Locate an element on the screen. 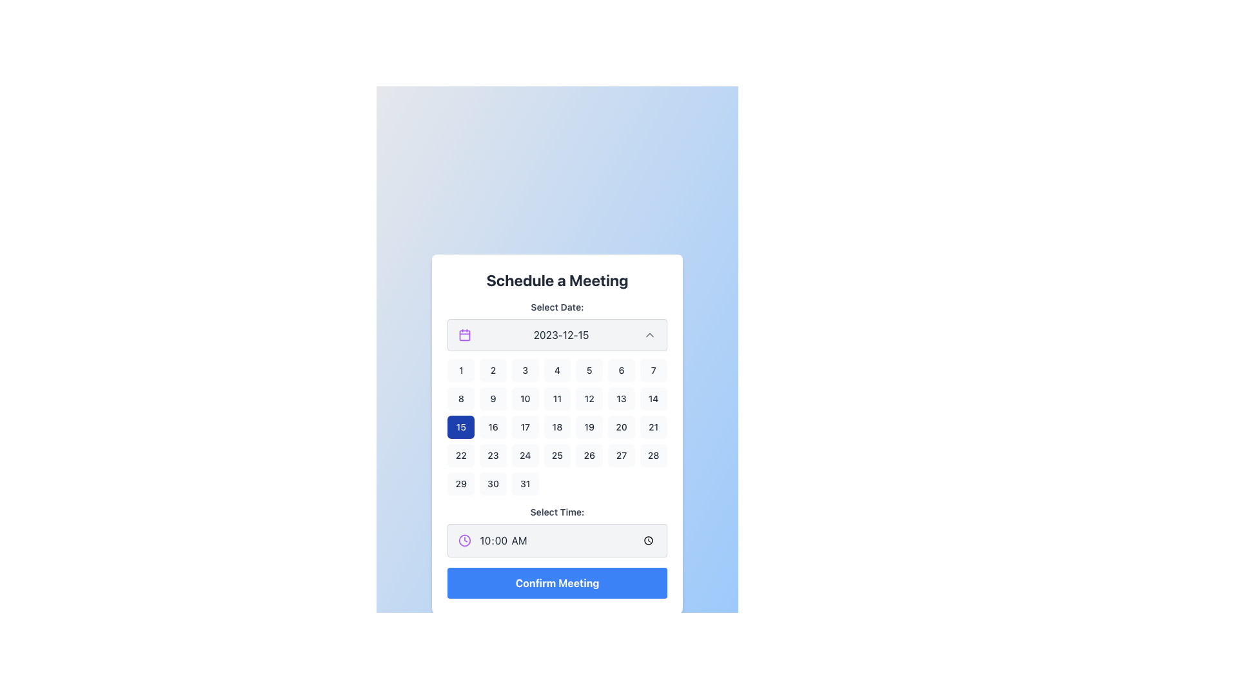 The image size is (1238, 696). the day selector button for date 27 in the calendar interface is located at coordinates (622, 454).